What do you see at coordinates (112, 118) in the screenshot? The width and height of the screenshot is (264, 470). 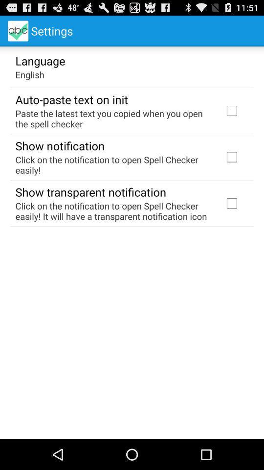 I see `the icon below auto paste text` at bounding box center [112, 118].